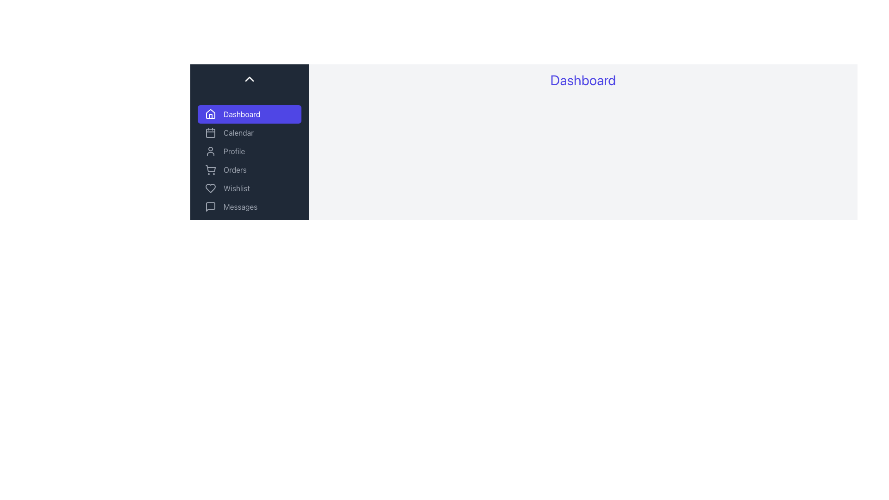 The width and height of the screenshot is (889, 500). I want to click on the house-shaped icon located at the top of the 'Dashboard' menu in the side navigation menu, so click(210, 113).